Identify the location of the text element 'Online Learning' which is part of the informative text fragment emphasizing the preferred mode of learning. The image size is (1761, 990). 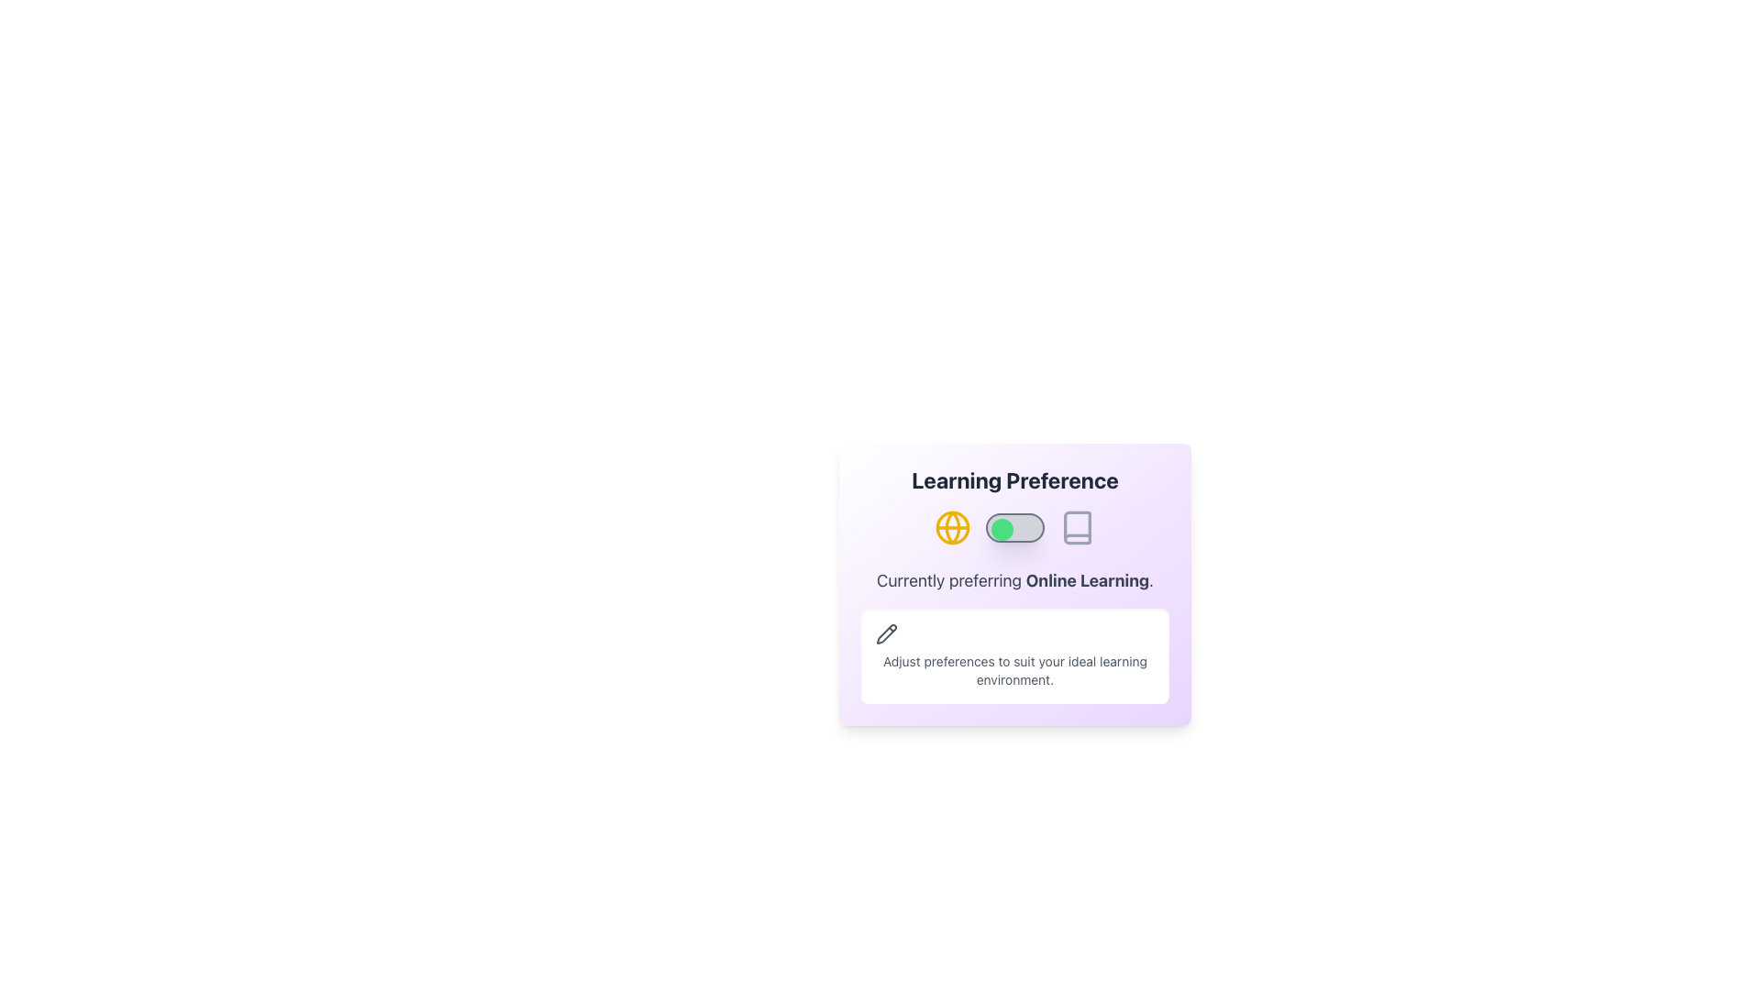
(1087, 580).